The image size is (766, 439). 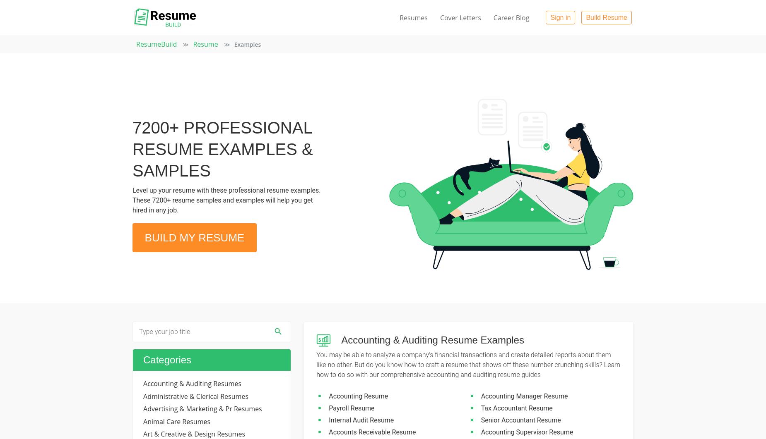 I want to click on 'animal care resumes', so click(x=176, y=420).